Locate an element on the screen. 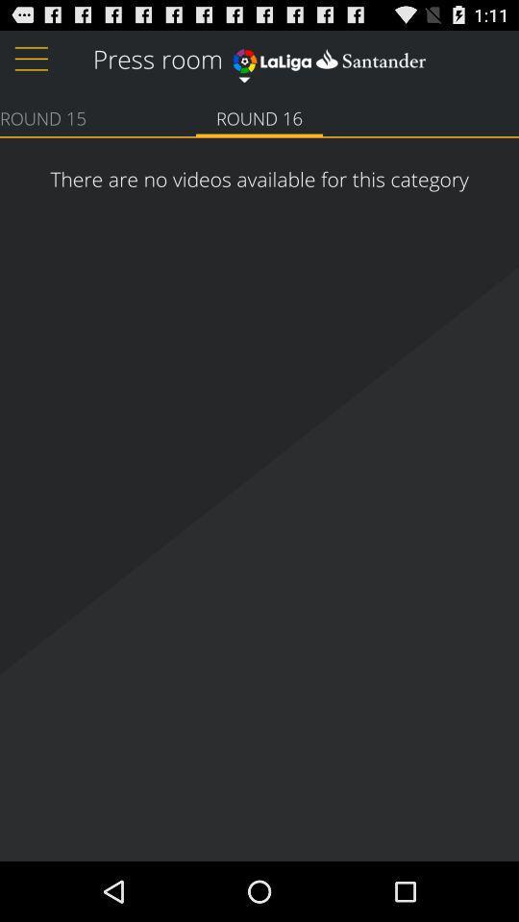 This screenshot has width=519, height=922. icon above the there are no app is located at coordinates (42, 116).